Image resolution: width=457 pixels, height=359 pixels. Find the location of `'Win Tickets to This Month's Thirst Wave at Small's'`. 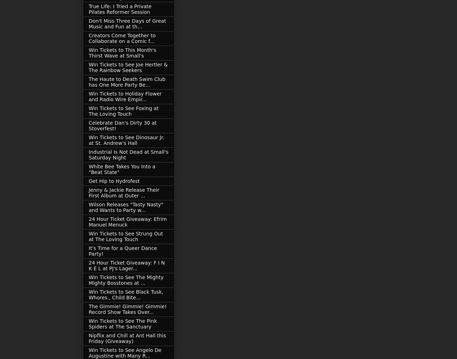

'Win Tickets to This Month's Thirst Wave at Small's' is located at coordinates (122, 53).